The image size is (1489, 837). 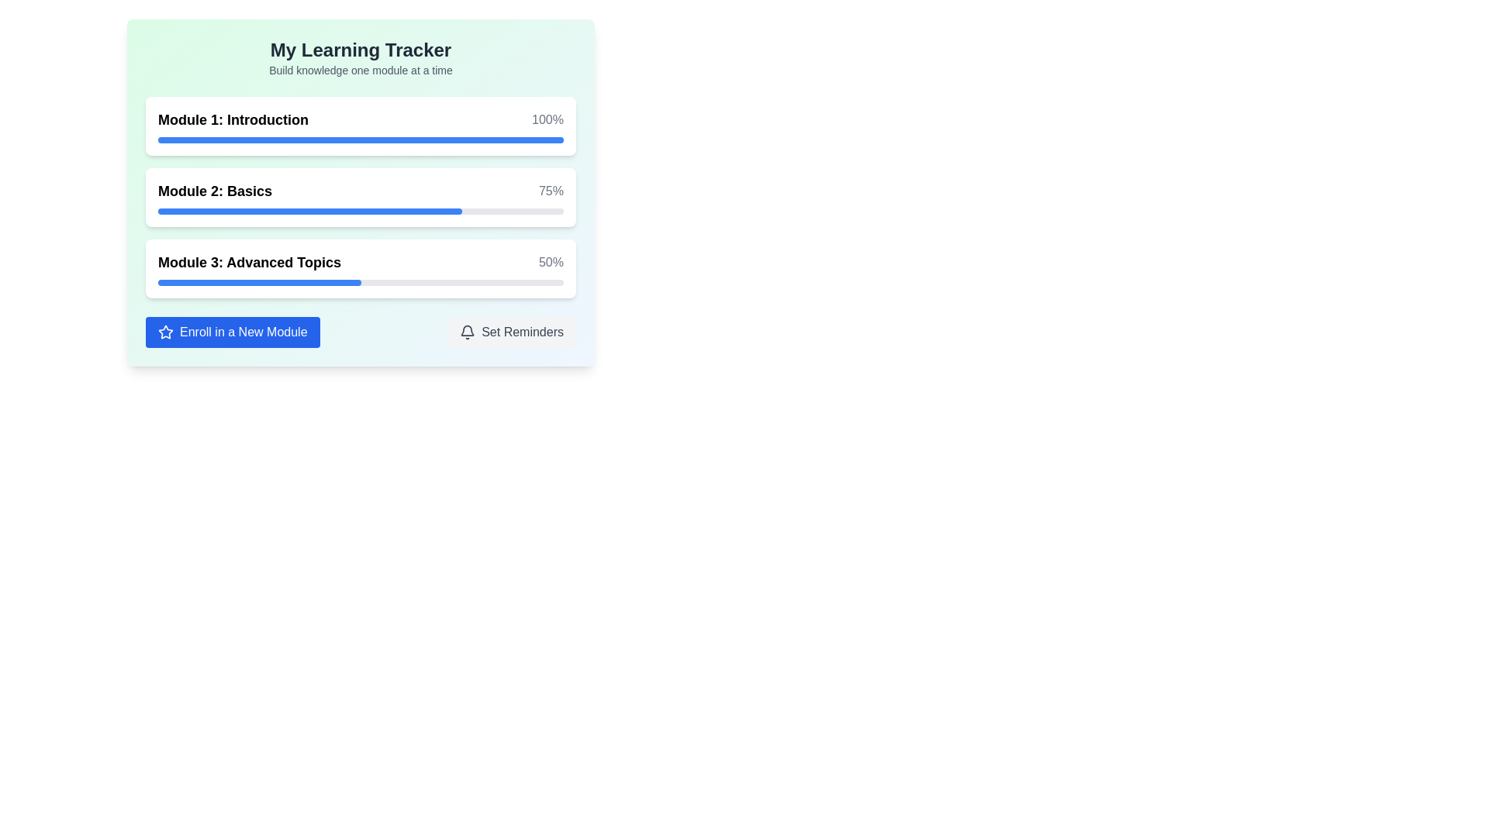 I want to click on the text label that reads 'My Learning Tracker', which is a bold, large, dark gray header at the top of the interface, so click(x=360, y=50).